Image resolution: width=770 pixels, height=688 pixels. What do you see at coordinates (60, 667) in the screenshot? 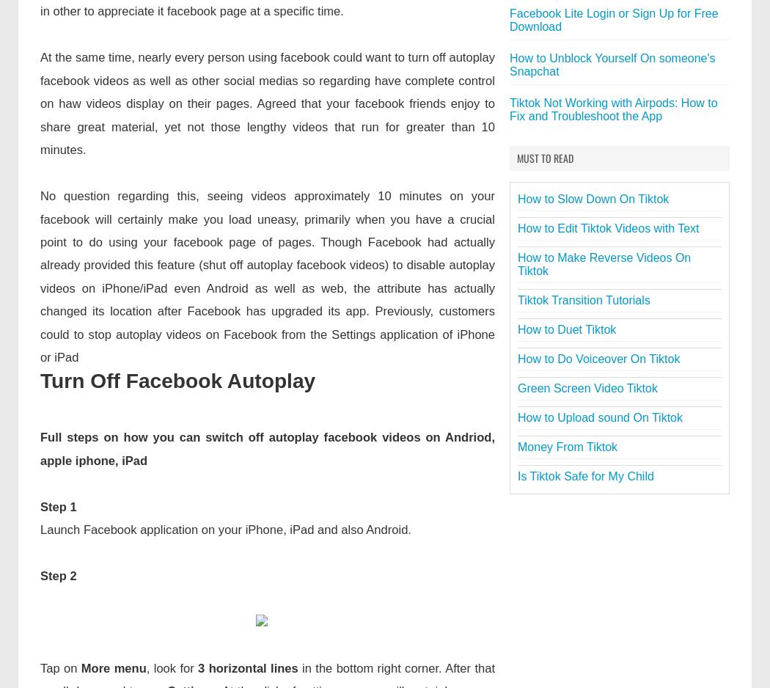
I see `'Tap on'` at bounding box center [60, 667].